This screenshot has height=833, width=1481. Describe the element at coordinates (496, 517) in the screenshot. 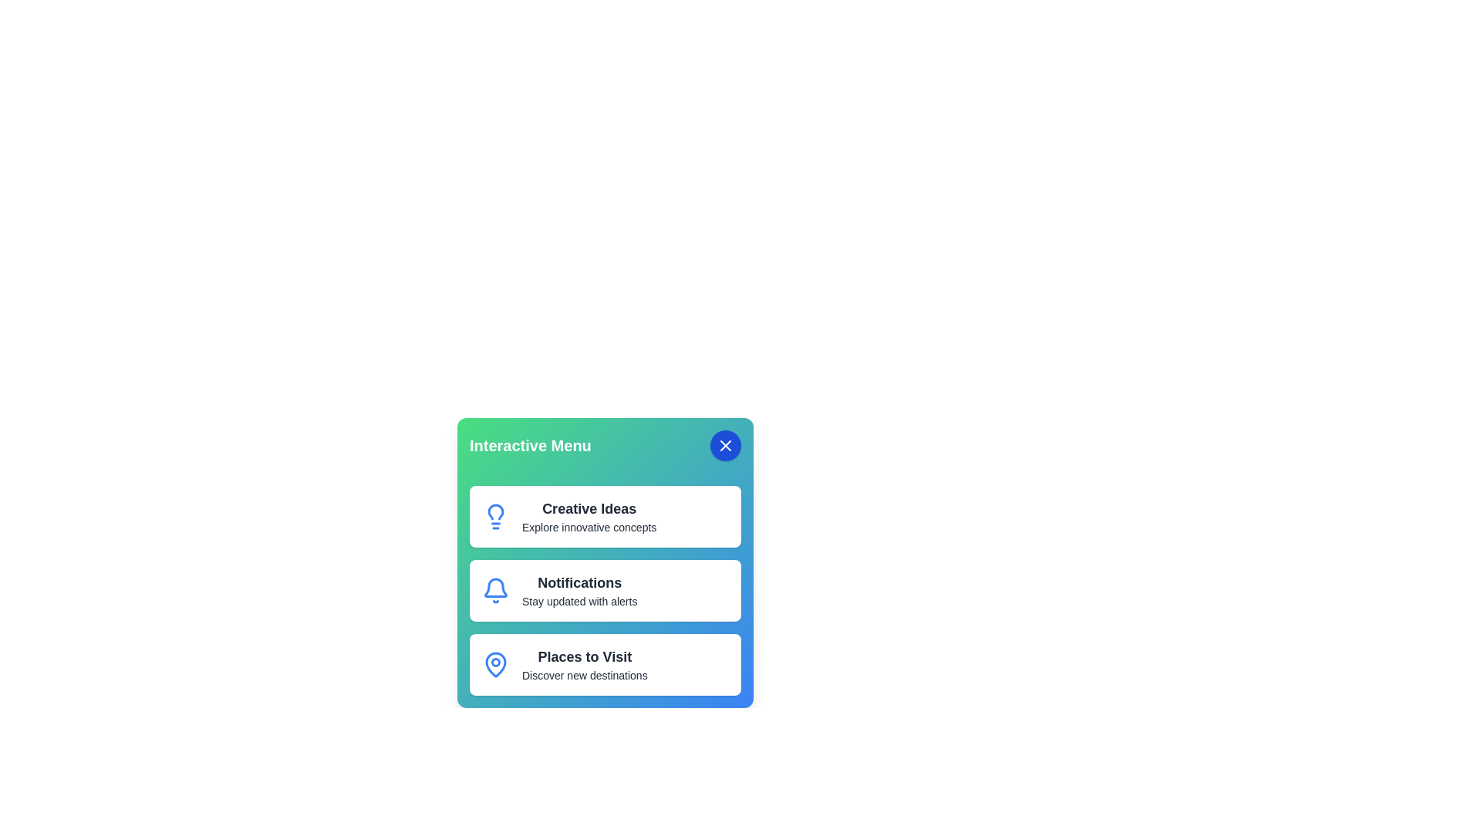

I see `the icon of the menu item Creative Ideas to trigger its visual feedback` at that location.